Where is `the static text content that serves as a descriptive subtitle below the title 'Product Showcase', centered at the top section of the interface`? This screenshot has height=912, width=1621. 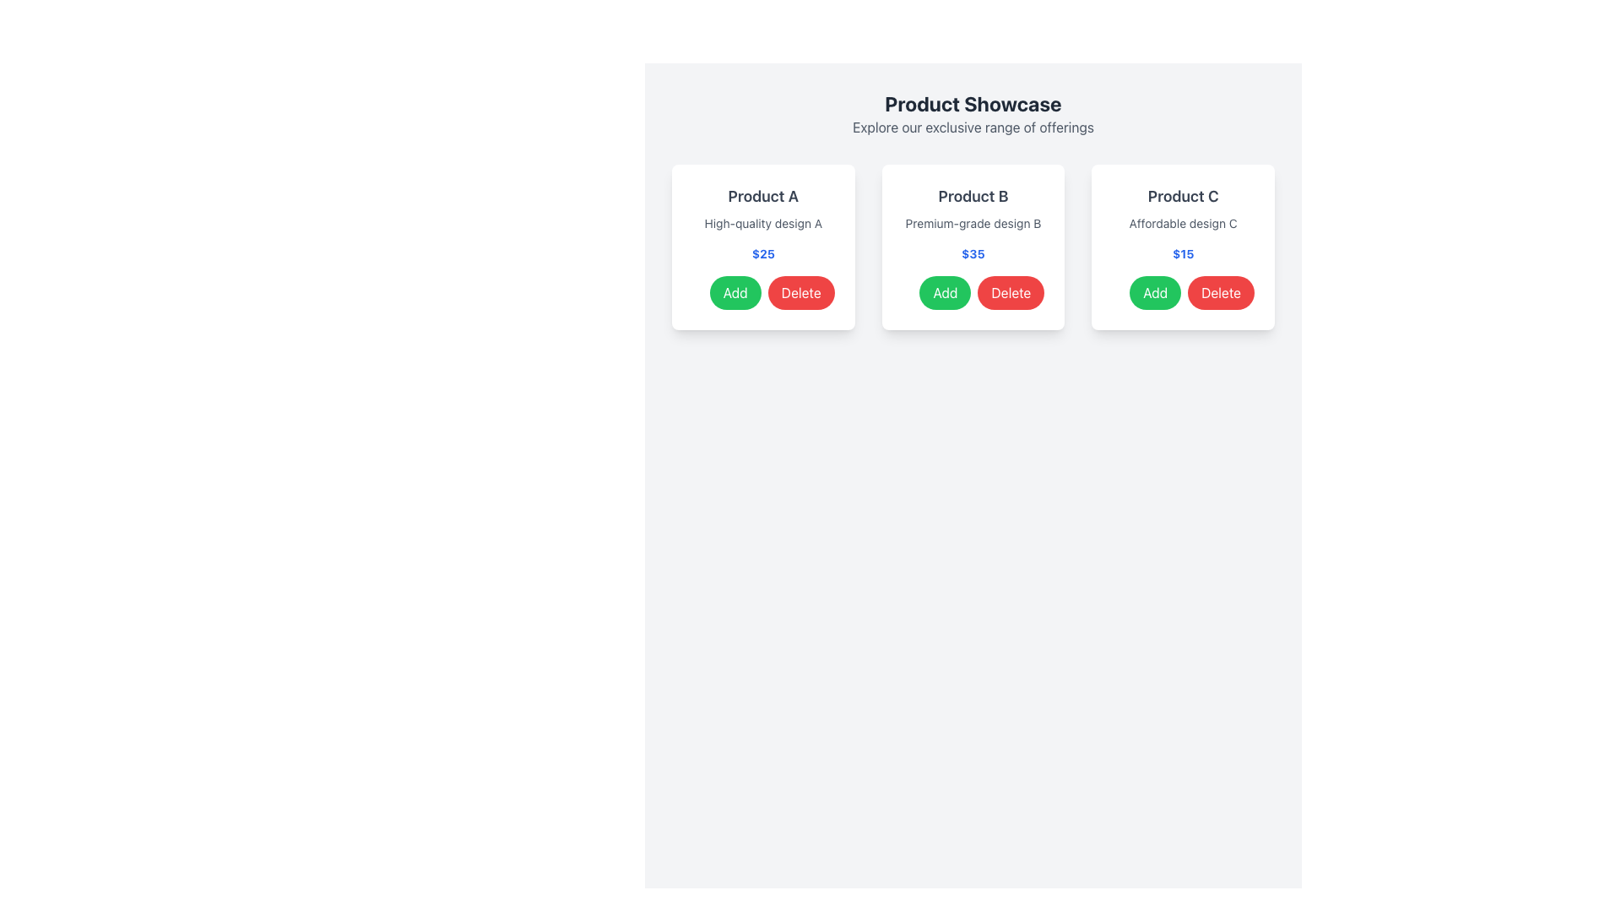
the static text content that serves as a descriptive subtitle below the title 'Product Showcase', centered at the top section of the interface is located at coordinates (973, 126).